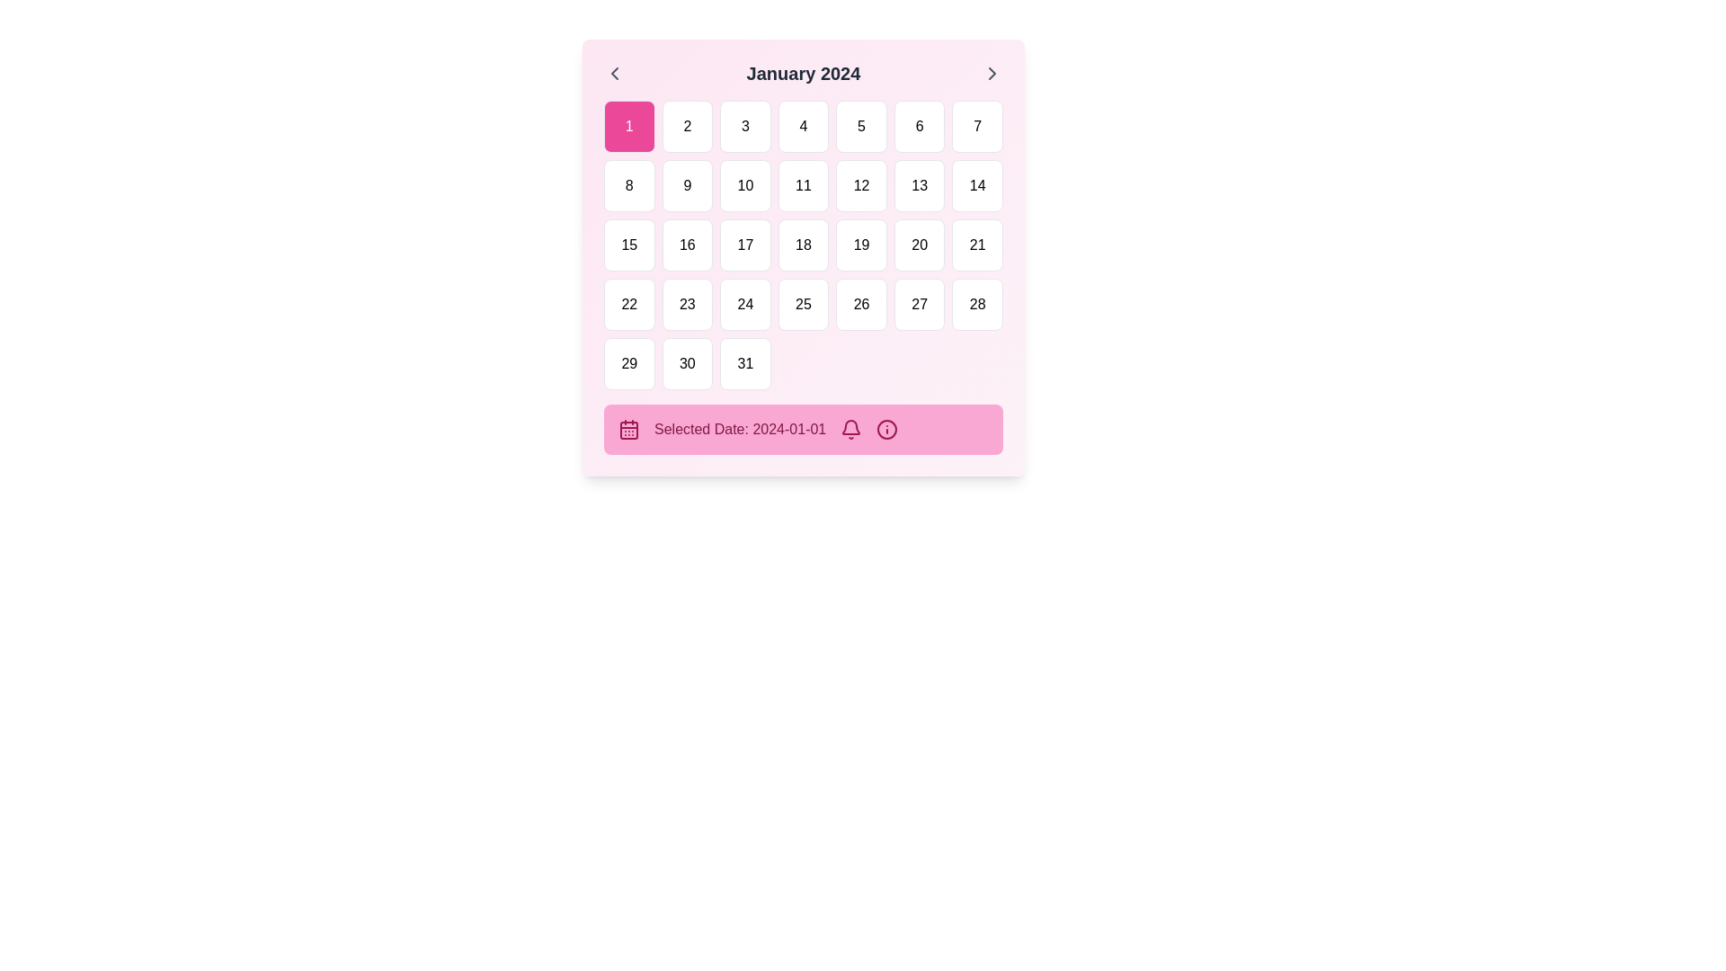 Image resolution: width=1726 pixels, height=971 pixels. I want to click on the Calendar Date Tile displaying the number '23' in the January 2024 calendar grid, so click(686, 304).